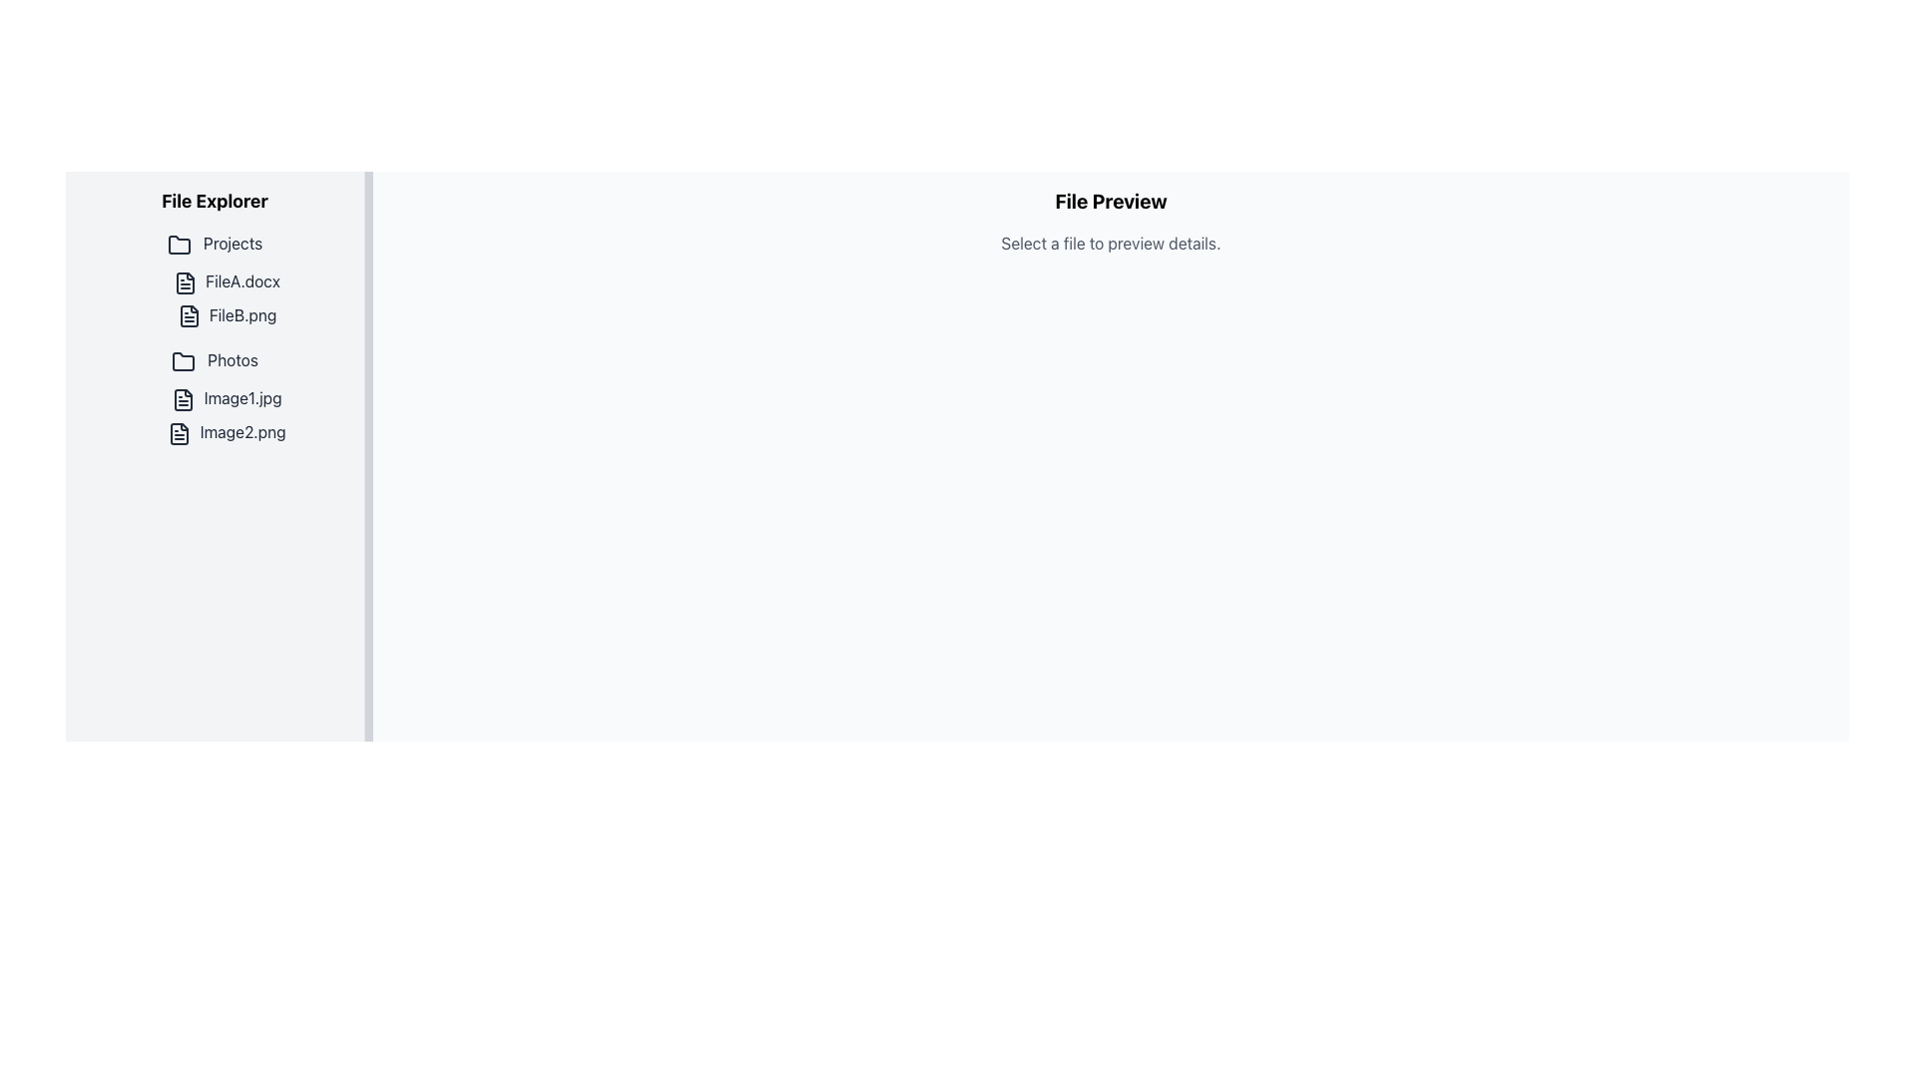 This screenshot has height=1078, width=1916. What do you see at coordinates (186, 282) in the screenshot?
I see `the document icon located to the left of the text 'FileA.docx' in the 'File Explorer' section` at bounding box center [186, 282].